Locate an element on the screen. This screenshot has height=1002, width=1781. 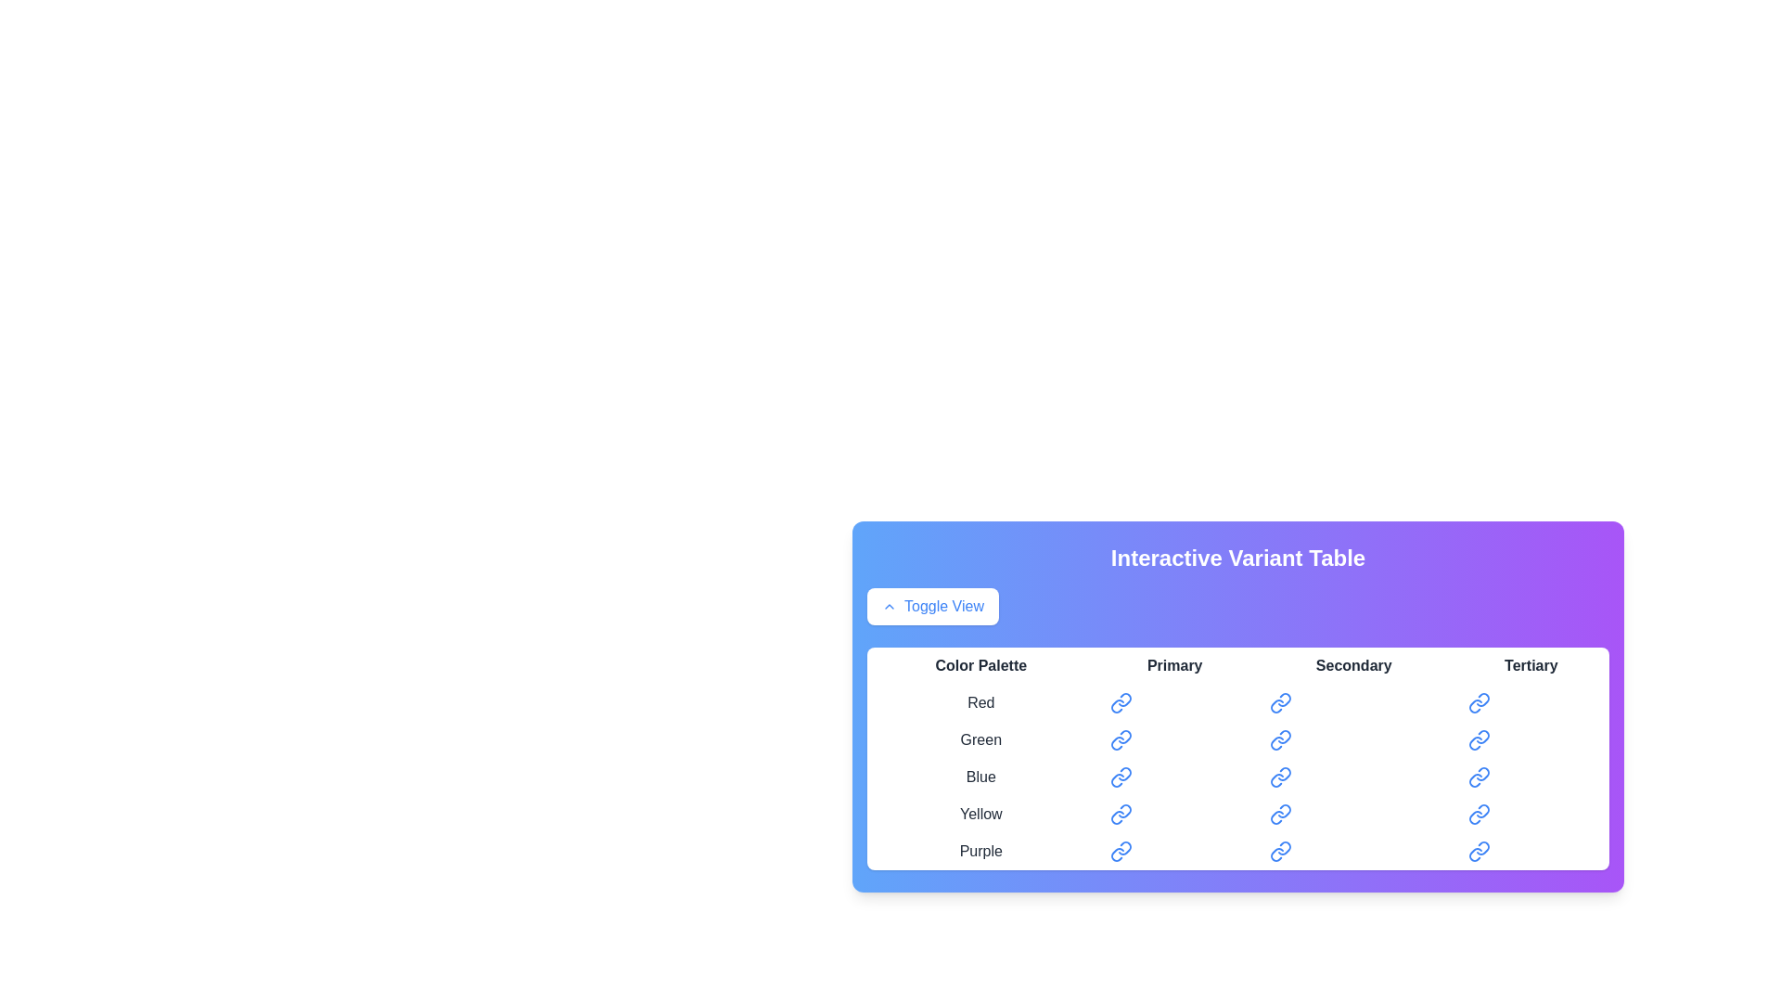
the table cell in the 'Interactive Variant Table' located in the fifth row of the 'Primary' column corresponding to the 'Purple' color palette is located at coordinates (1173, 852).